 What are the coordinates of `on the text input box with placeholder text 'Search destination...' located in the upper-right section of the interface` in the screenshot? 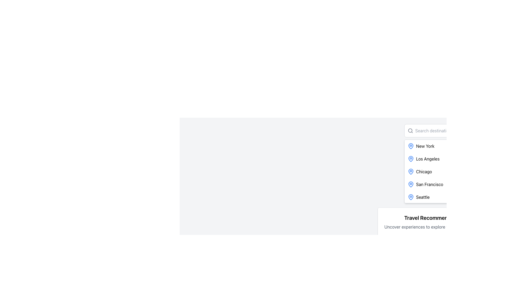 It's located at (439, 131).